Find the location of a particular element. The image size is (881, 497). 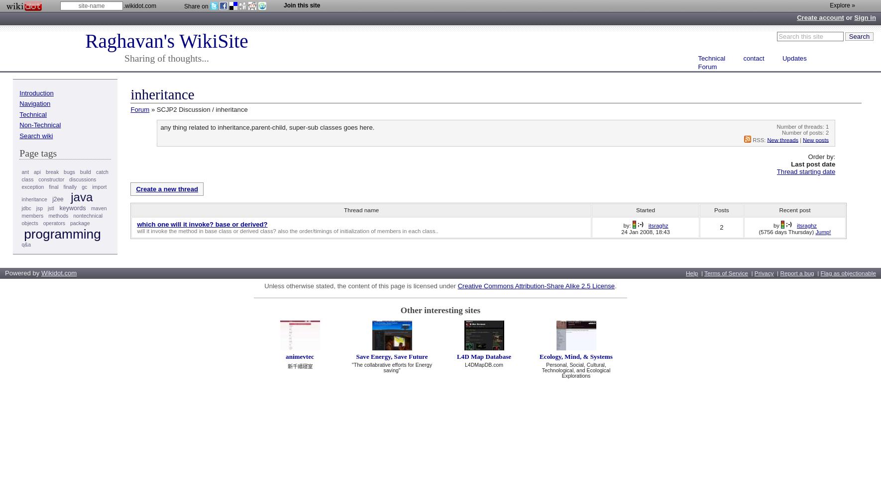

'Sign in' is located at coordinates (865, 17).